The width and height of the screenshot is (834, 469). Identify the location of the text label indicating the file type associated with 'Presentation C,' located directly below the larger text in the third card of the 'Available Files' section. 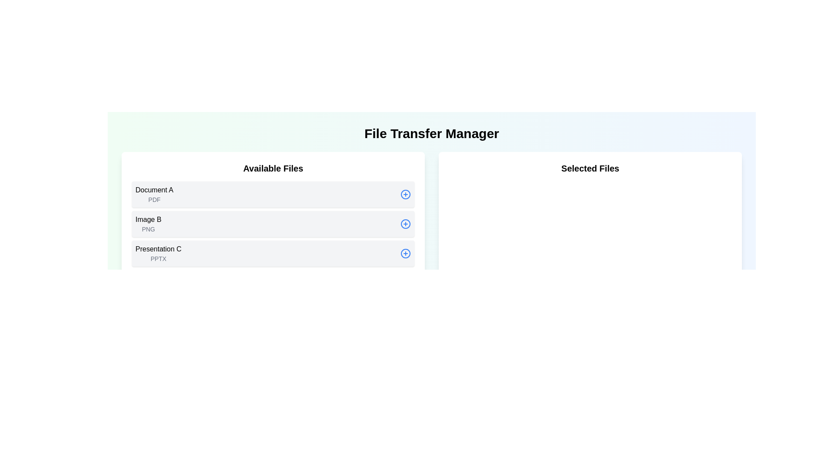
(158, 258).